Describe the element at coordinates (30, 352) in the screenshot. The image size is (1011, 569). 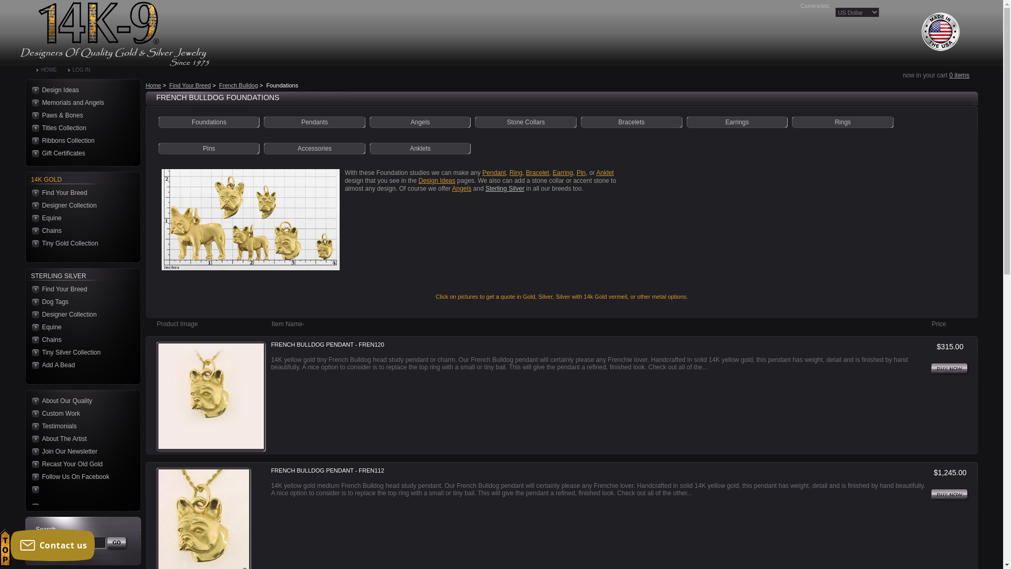
I see `'Tiny Silver Collection'` at that location.